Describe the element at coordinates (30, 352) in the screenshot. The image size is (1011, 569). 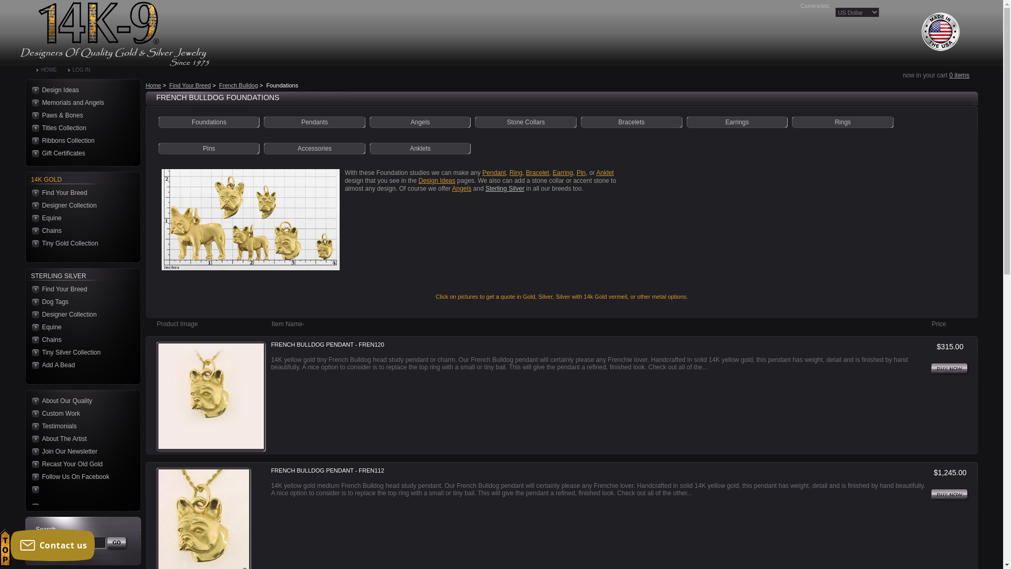
I see `'Tiny Silver Collection'` at that location.